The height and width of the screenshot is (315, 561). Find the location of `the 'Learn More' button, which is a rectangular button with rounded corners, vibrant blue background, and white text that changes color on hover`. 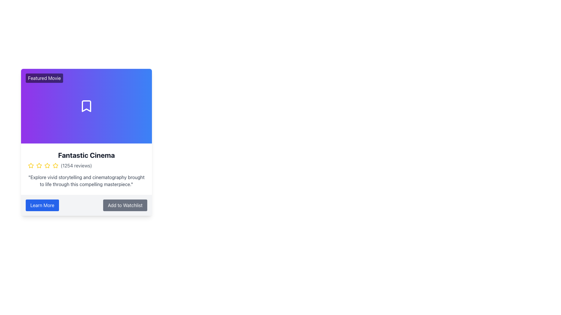

the 'Learn More' button, which is a rectangular button with rounded corners, vibrant blue background, and white text that changes color on hover is located at coordinates (42, 205).